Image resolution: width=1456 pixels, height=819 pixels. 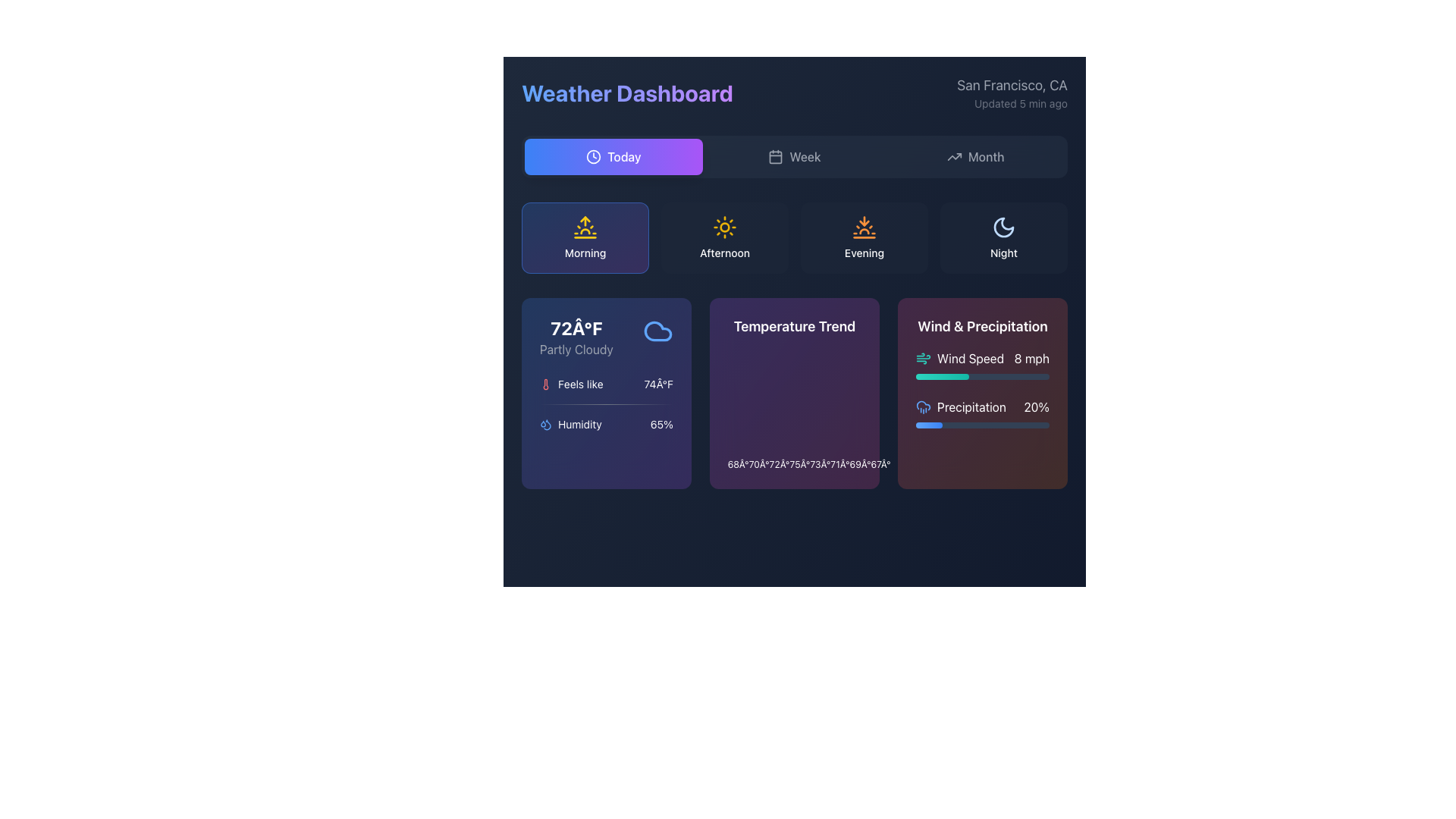 What do you see at coordinates (971, 359) in the screenshot?
I see `the 'Wind Speed' text label element, which displays the text in white font on a dark maroon background, located in the 'Wind & Precipitation' section of the dashboard` at bounding box center [971, 359].